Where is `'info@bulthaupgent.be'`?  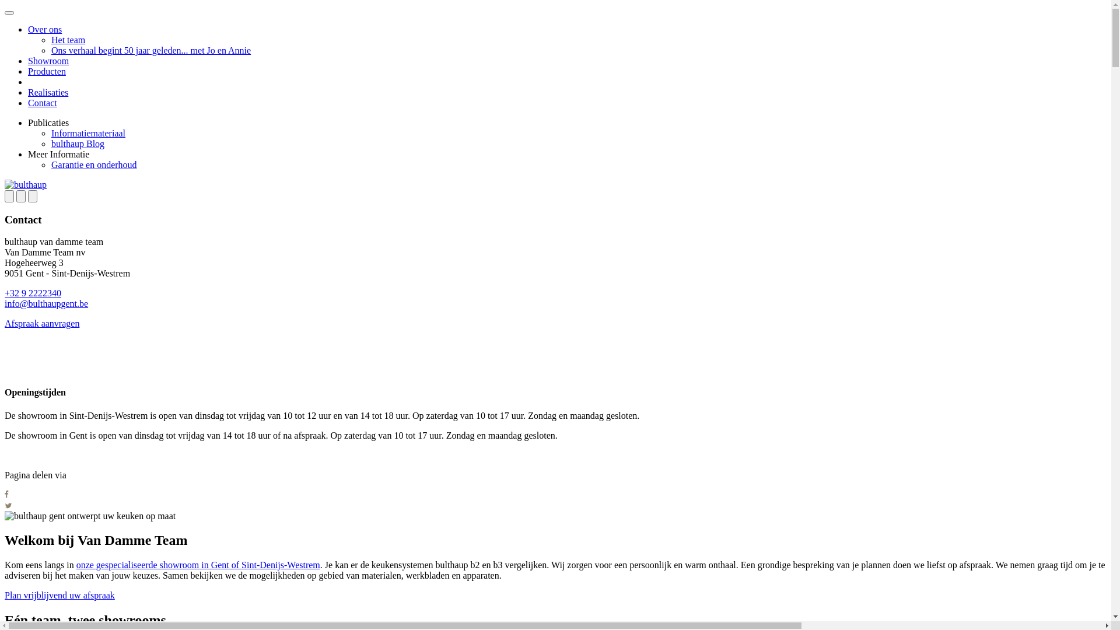
'info@bulthaupgent.be' is located at coordinates (5, 303).